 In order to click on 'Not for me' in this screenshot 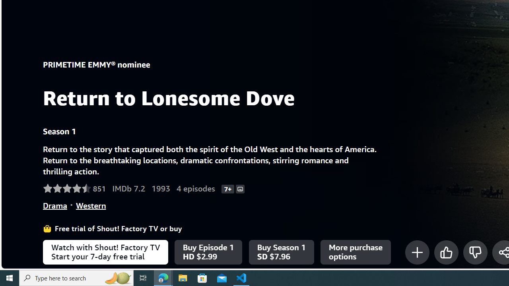, I will do `click(475, 252)`.